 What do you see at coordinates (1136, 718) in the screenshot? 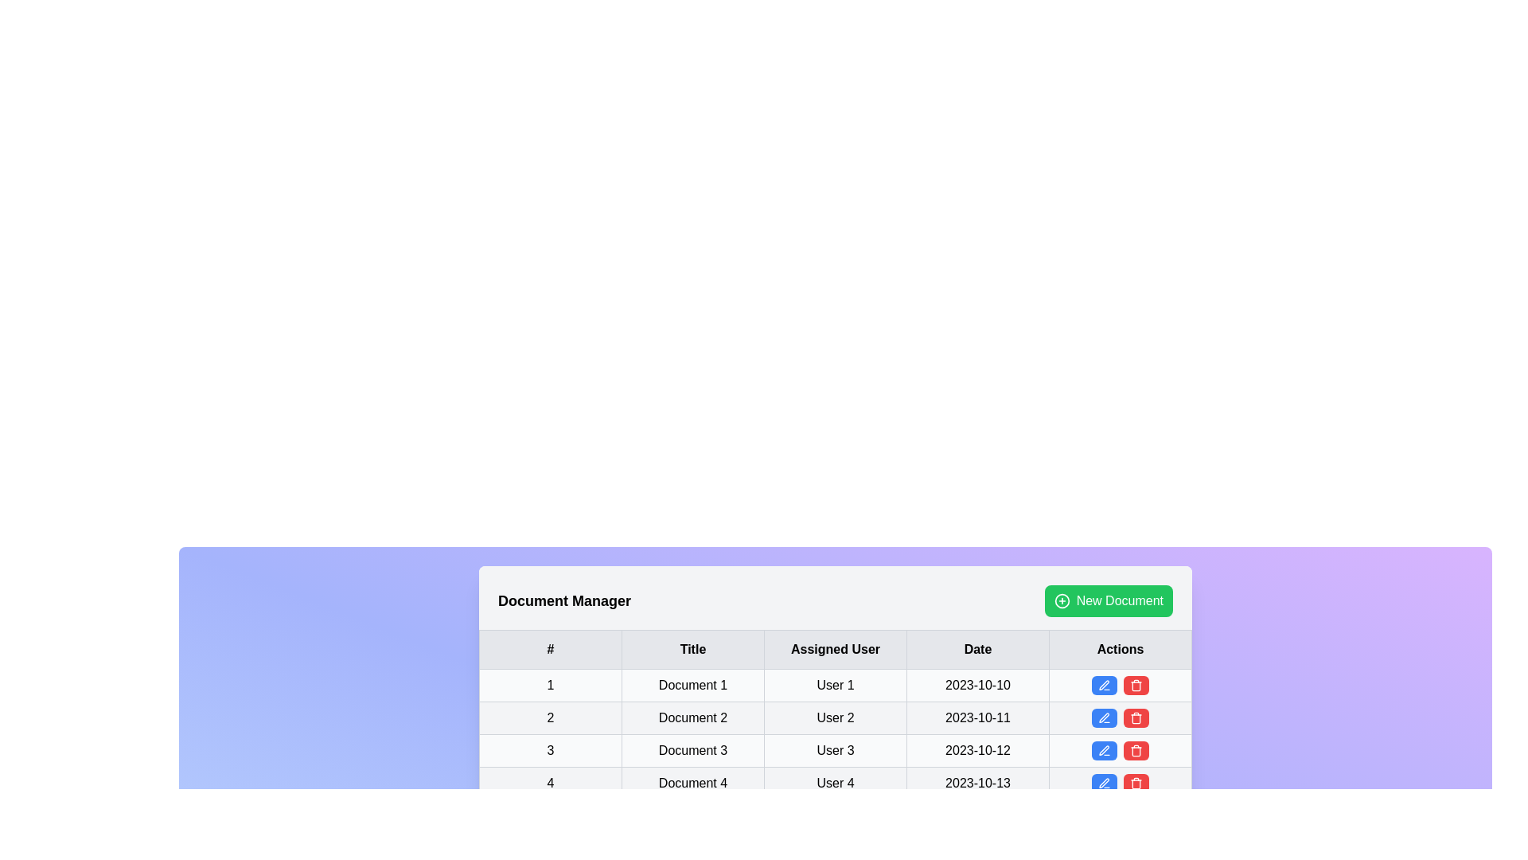
I see `the trash icon located within the red button in the 'Actions' column of the last row` at bounding box center [1136, 718].